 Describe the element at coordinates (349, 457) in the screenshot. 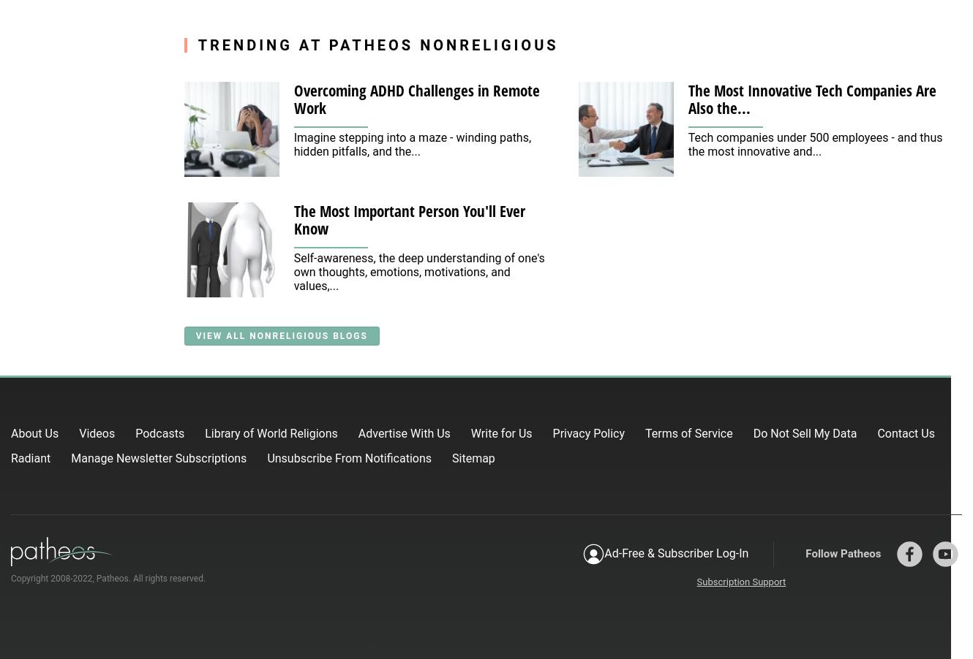

I see `'Unsubscribe From Notifications'` at that location.